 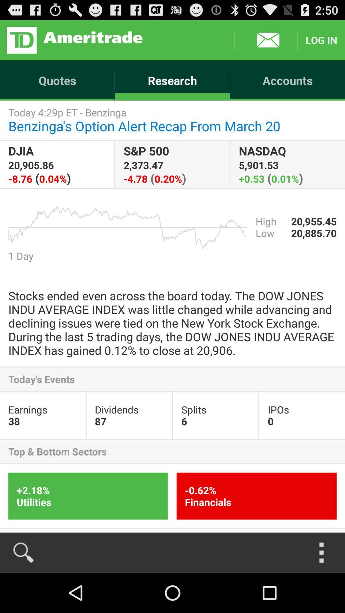 What do you see at coordinates (172, 80) in the screenshot?
I see `app to the left of the accounts app` at bounding box center [172, 80].